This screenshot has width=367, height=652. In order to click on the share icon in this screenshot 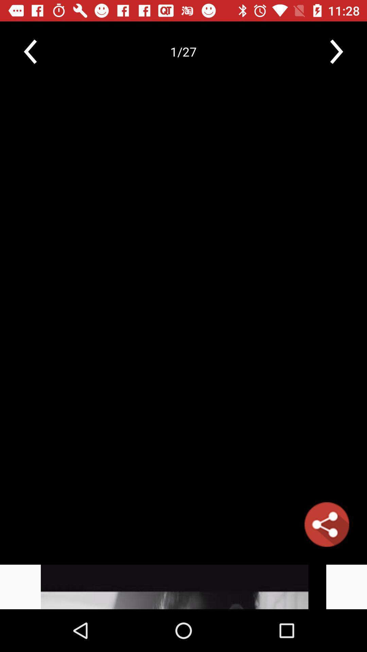, I will do `click(326, 524)`.